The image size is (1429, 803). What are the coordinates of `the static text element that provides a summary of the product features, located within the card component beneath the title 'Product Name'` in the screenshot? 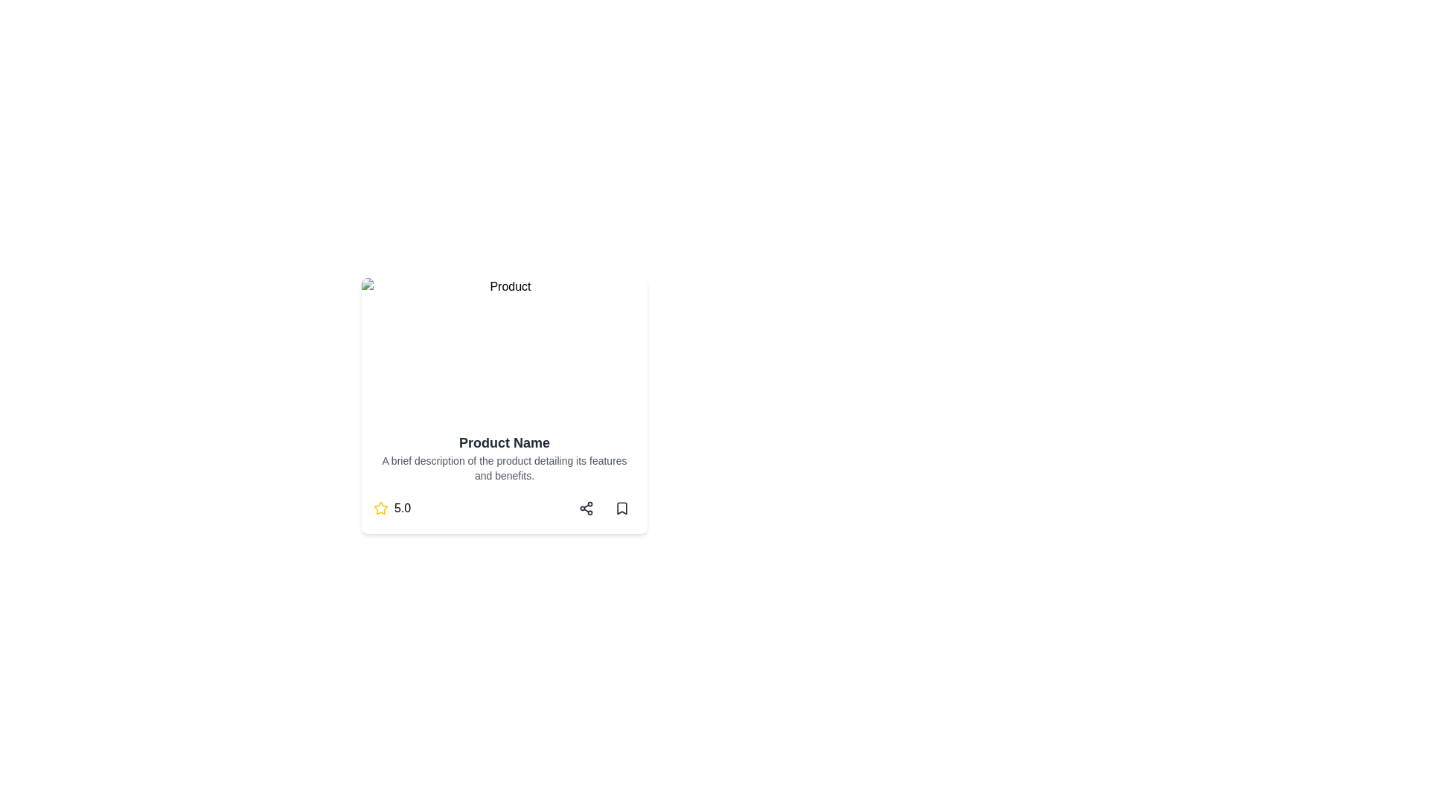 It's located at (504, 467).